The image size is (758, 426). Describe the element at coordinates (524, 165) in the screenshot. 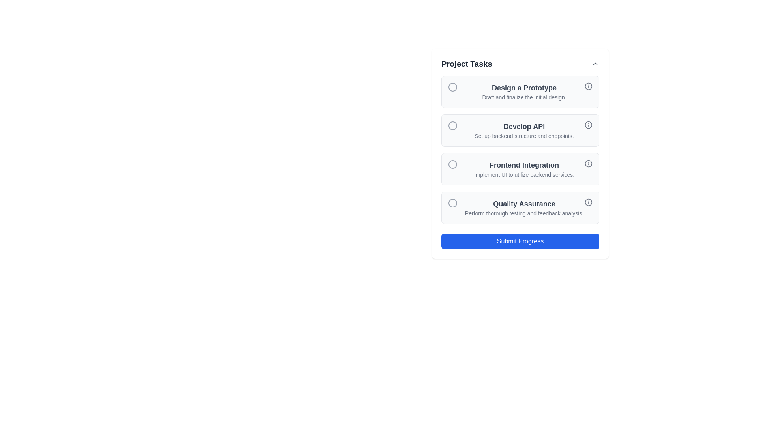

I see `the 'Frontend Integration' task title text label located in the third row of the 'Project Tasks' interface` at that location.